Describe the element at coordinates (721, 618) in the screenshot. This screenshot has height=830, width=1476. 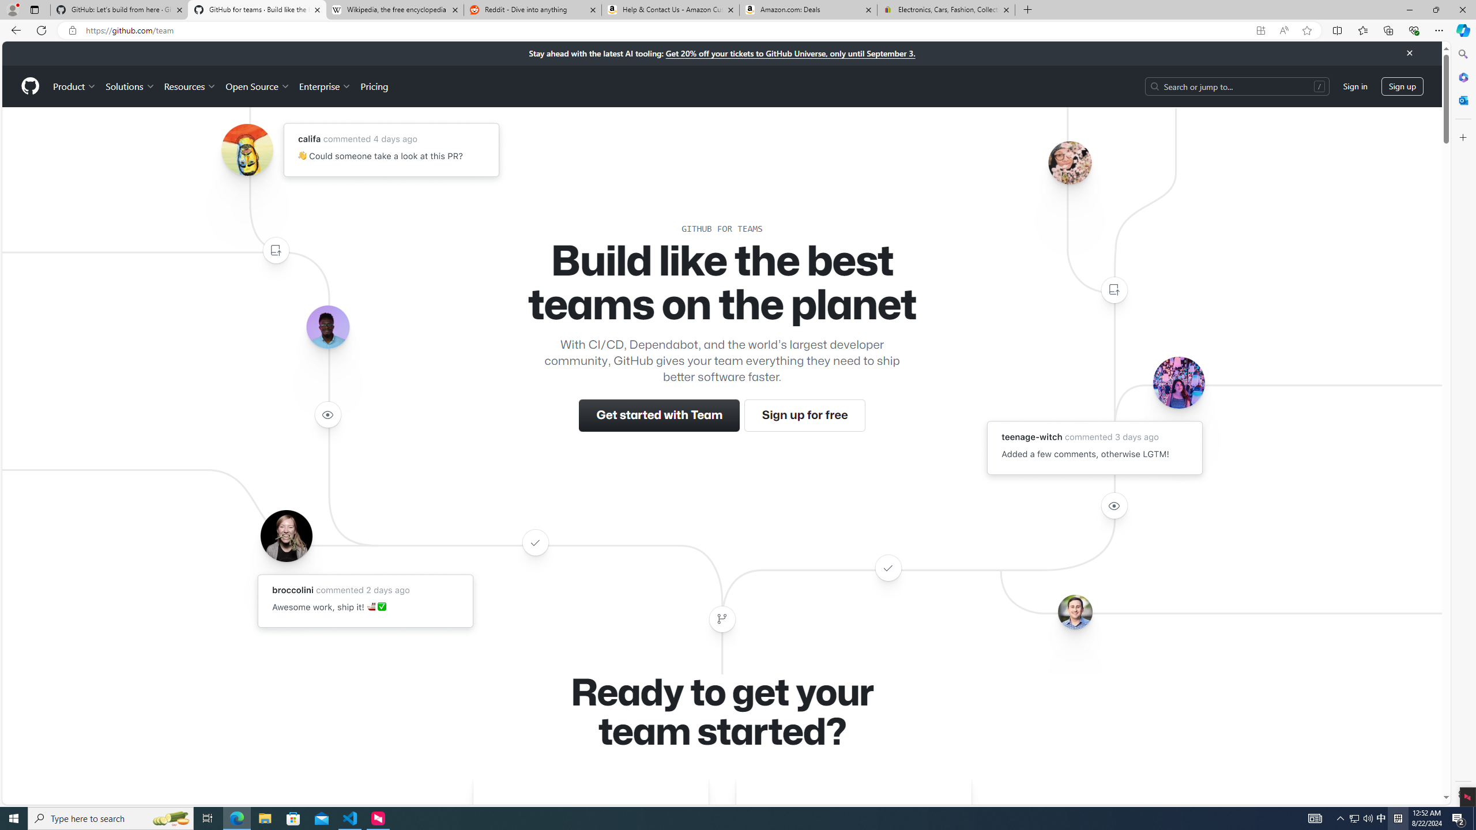
I see `'Class: color-fg-muted width-full'` at that location.